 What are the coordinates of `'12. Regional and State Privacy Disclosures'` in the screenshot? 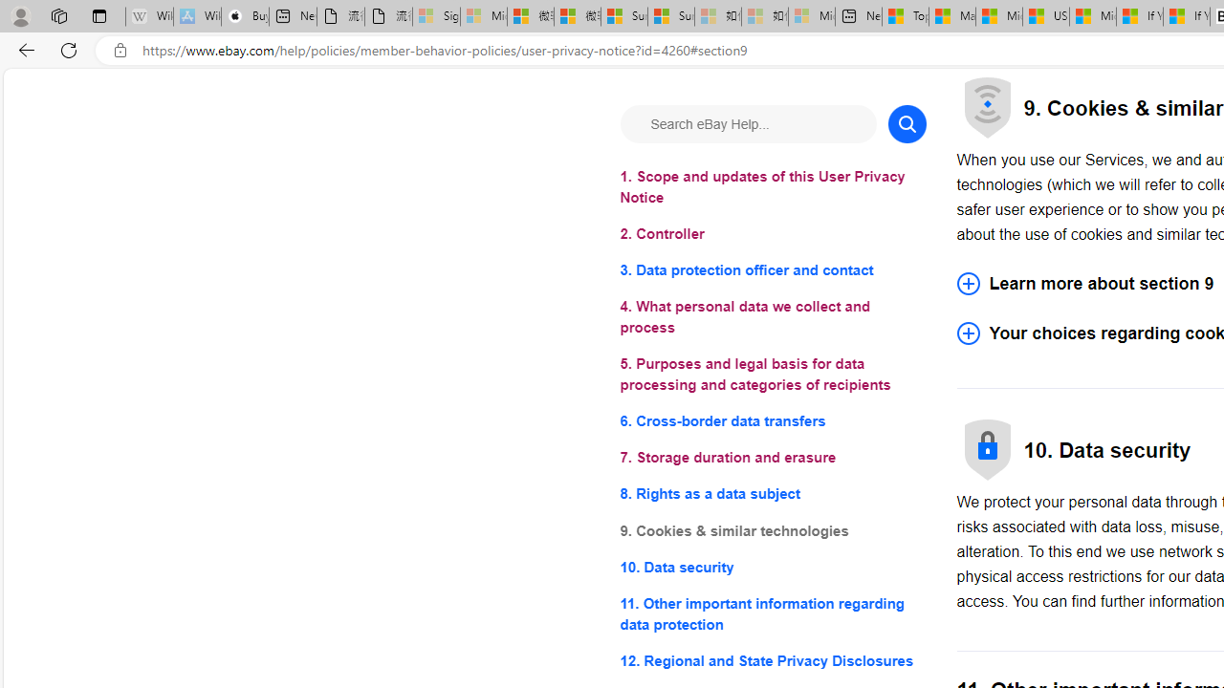 It's located at (773, 659).